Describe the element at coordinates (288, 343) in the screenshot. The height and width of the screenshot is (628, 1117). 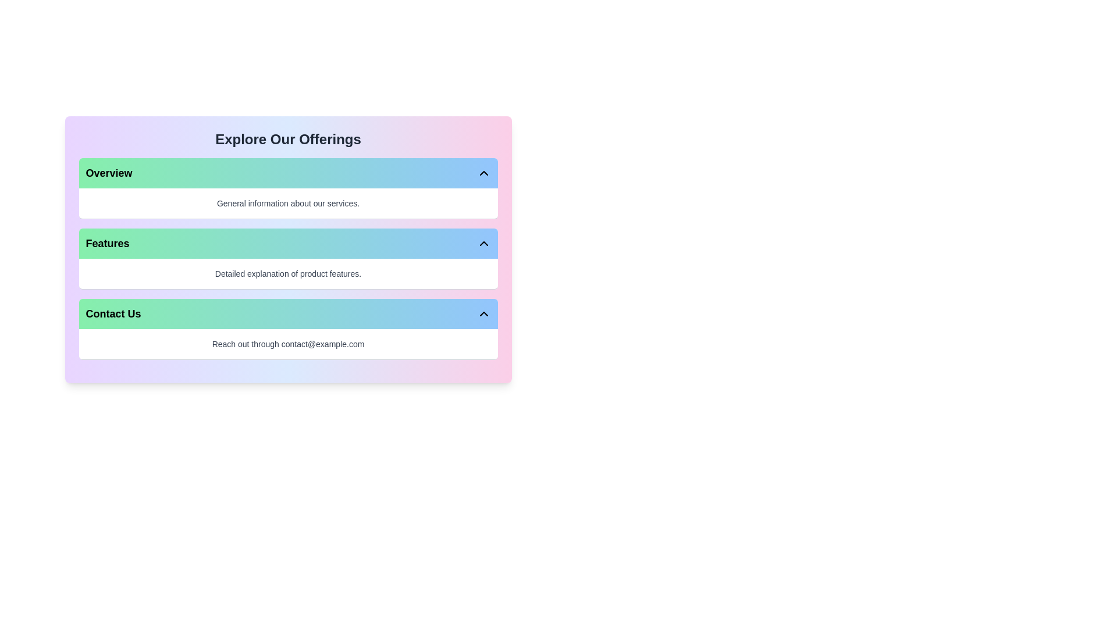
I see `the static text box that provides contact information located directly below the 'Contact Us' caption in the 'Contact Us' section` at that location.